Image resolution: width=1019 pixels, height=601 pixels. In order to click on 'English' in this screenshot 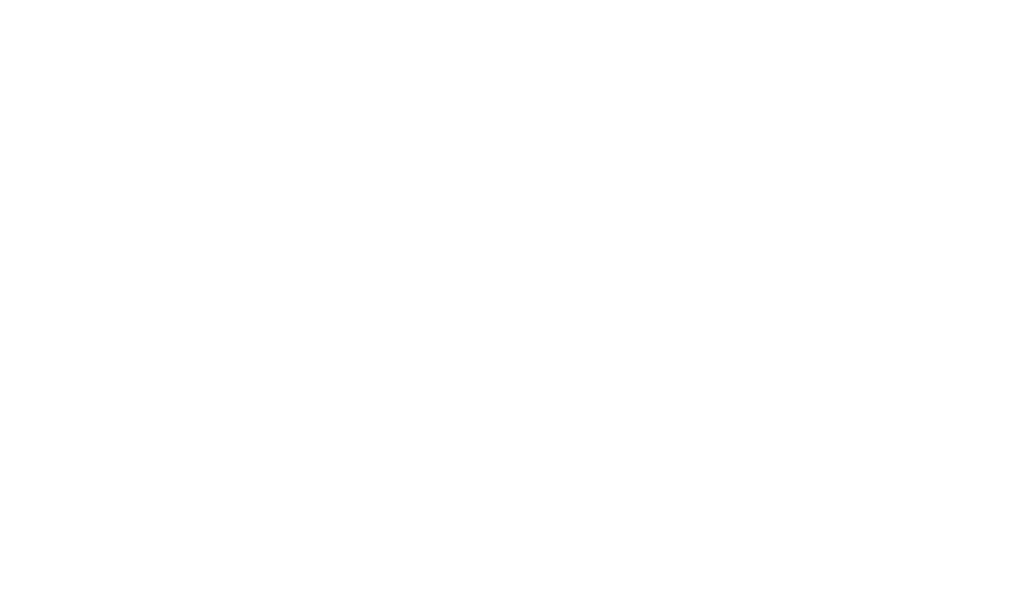, I will do `click(479, 155)`.